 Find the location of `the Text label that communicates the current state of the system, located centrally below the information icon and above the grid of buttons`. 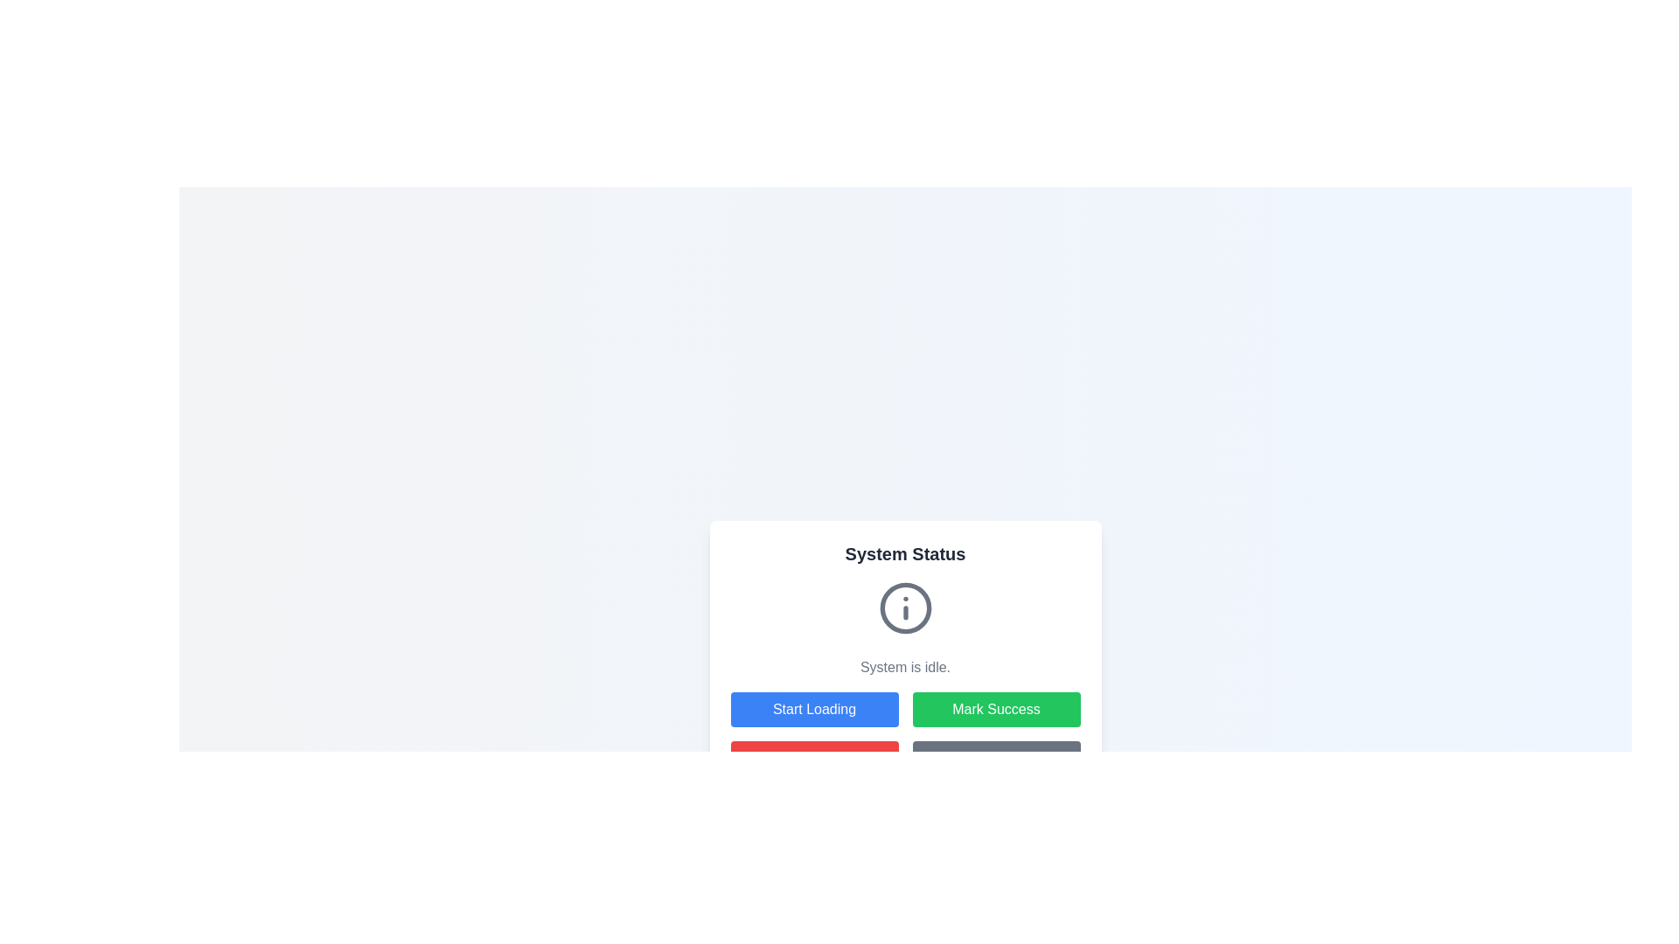

the Text label that communicates the current state of the system, located centrally below the information icon and above the grid of buttons is located at coordinates (905, 658).